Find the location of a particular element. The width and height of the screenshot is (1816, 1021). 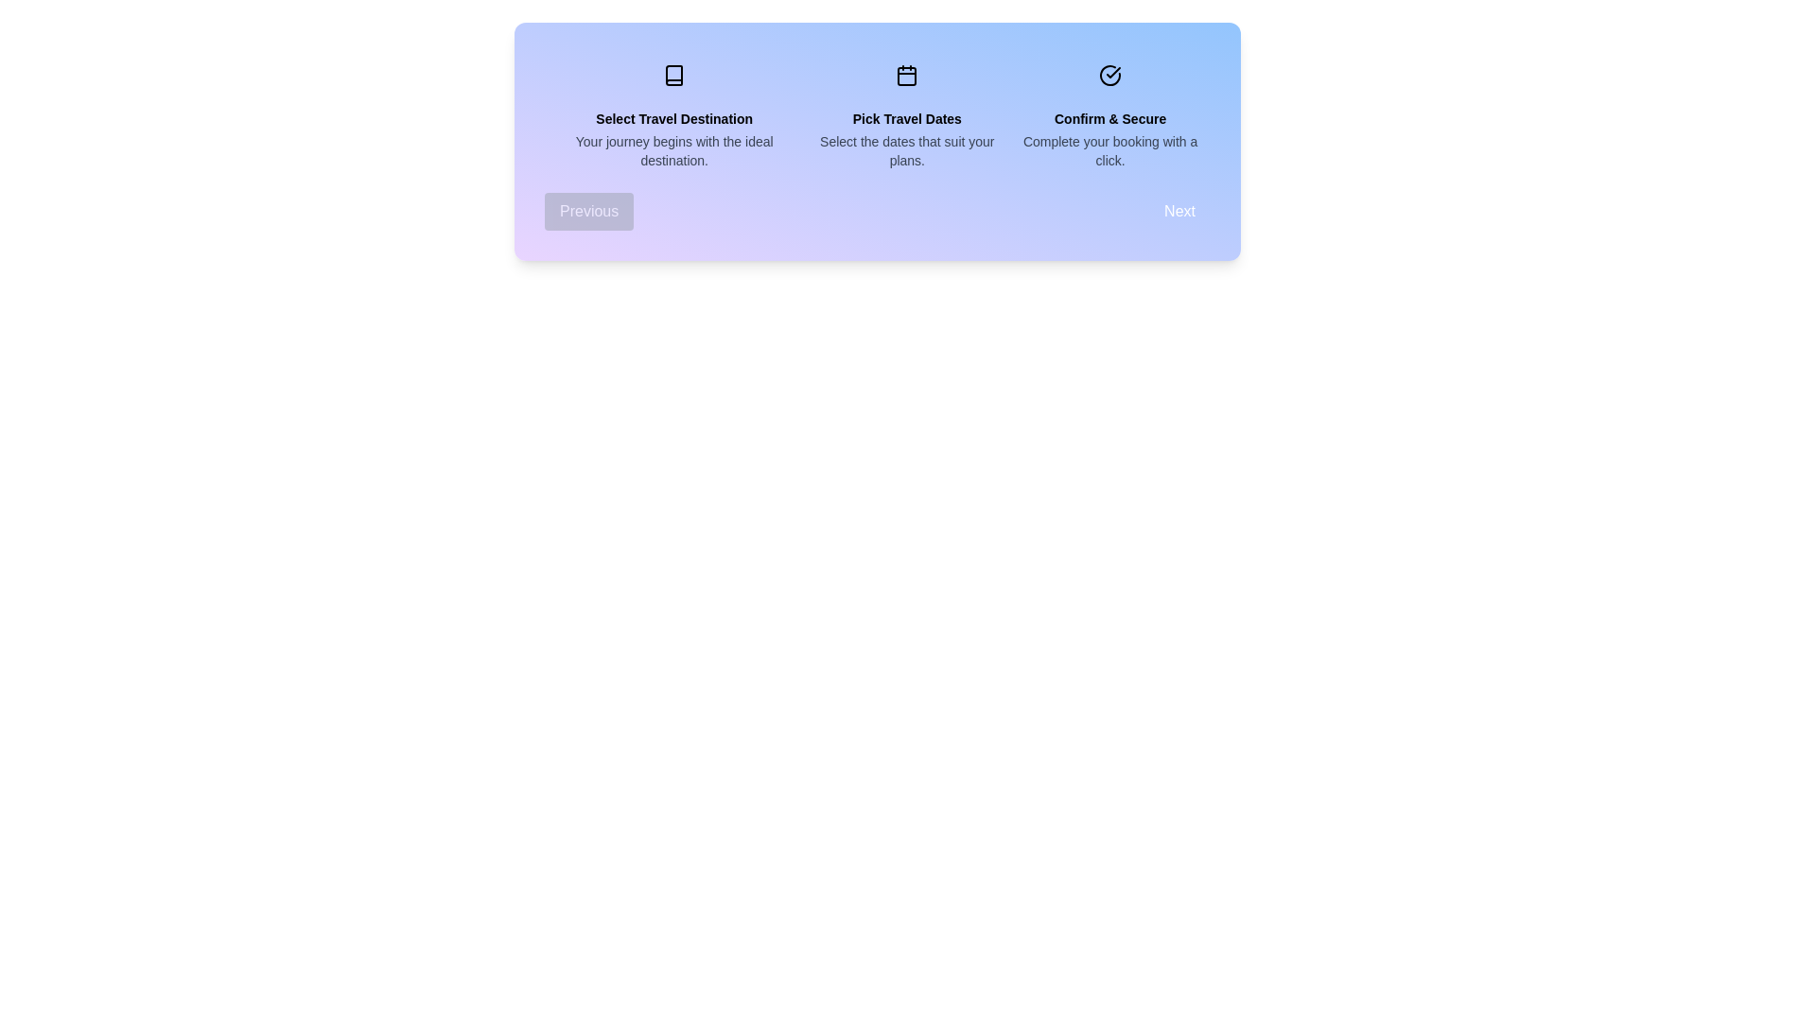

the Previous button to navigate is located at coordinates (588, 211).